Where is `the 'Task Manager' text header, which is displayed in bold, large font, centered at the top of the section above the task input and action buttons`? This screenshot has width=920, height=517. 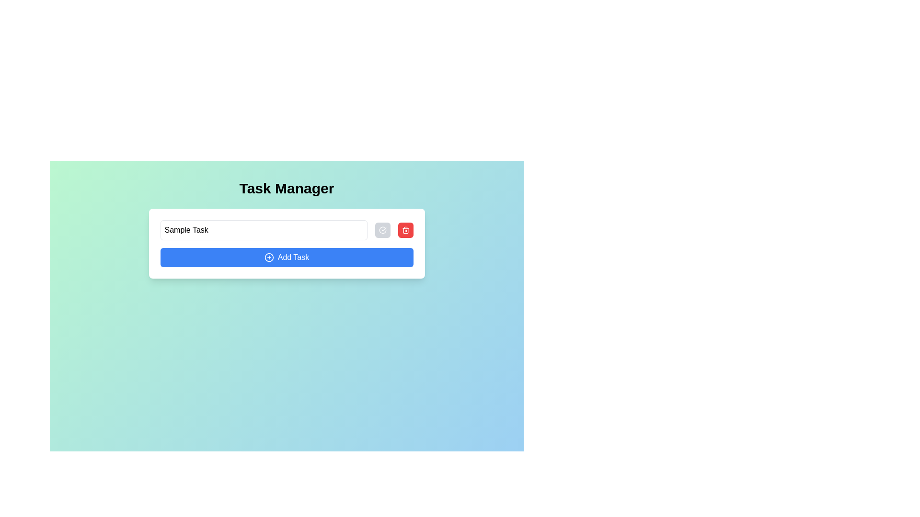 the 'Task Manager' text header, which is displayed in bold, large font, centered at the top of the section above the task input and action buttons is located at coordinates (286, 188).